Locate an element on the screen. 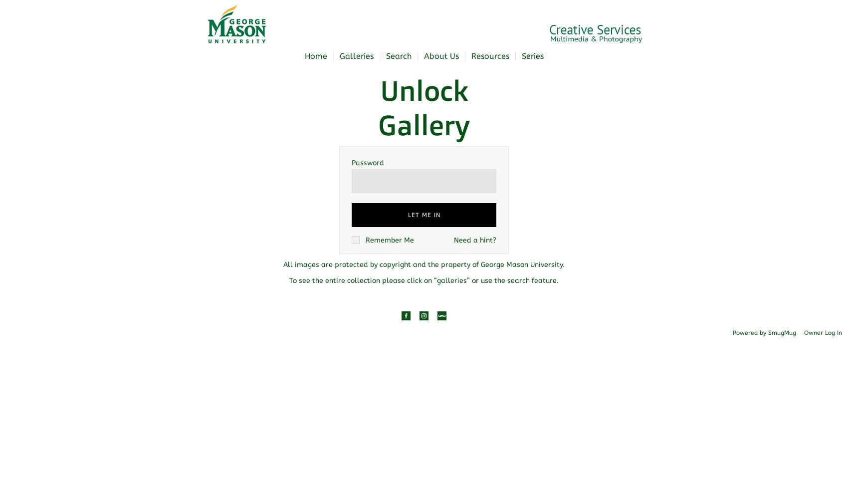 This screenshot has height=499, width=848. 'Series' is located at coordinates (532, 55).